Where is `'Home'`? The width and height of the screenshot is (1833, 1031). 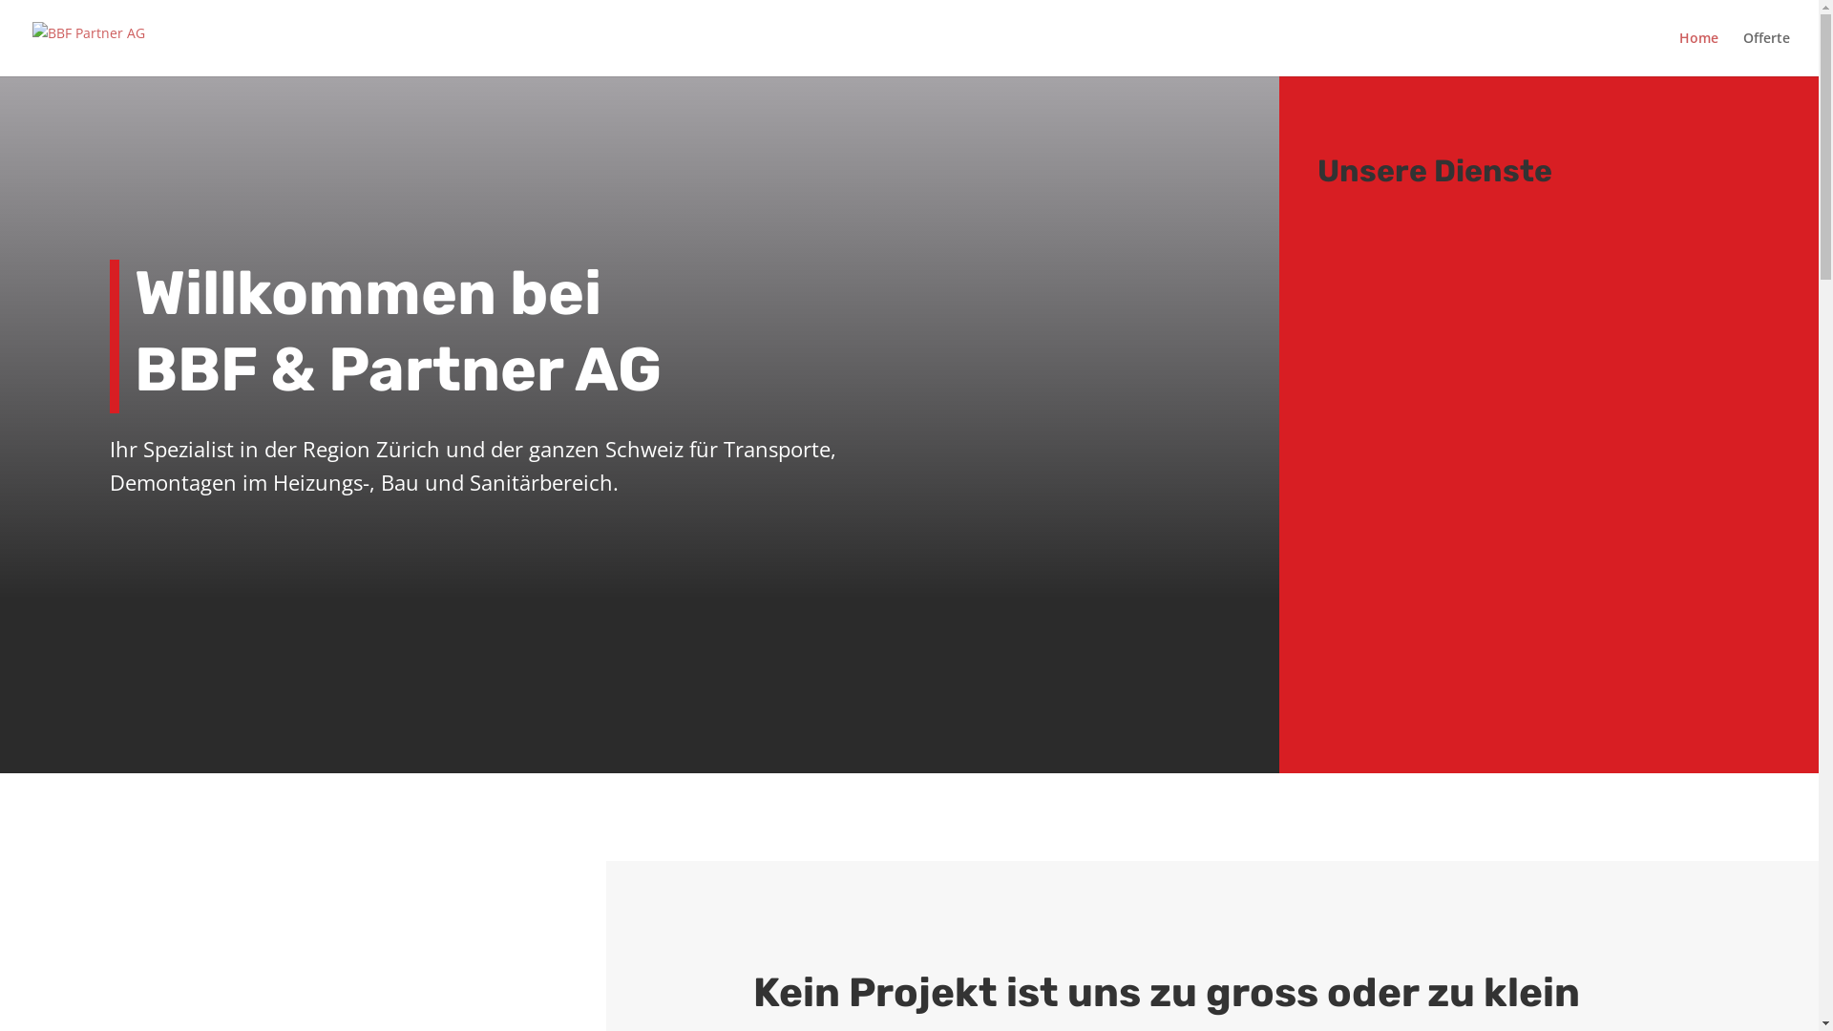 'Home' is located at coordinates (1698, 53).